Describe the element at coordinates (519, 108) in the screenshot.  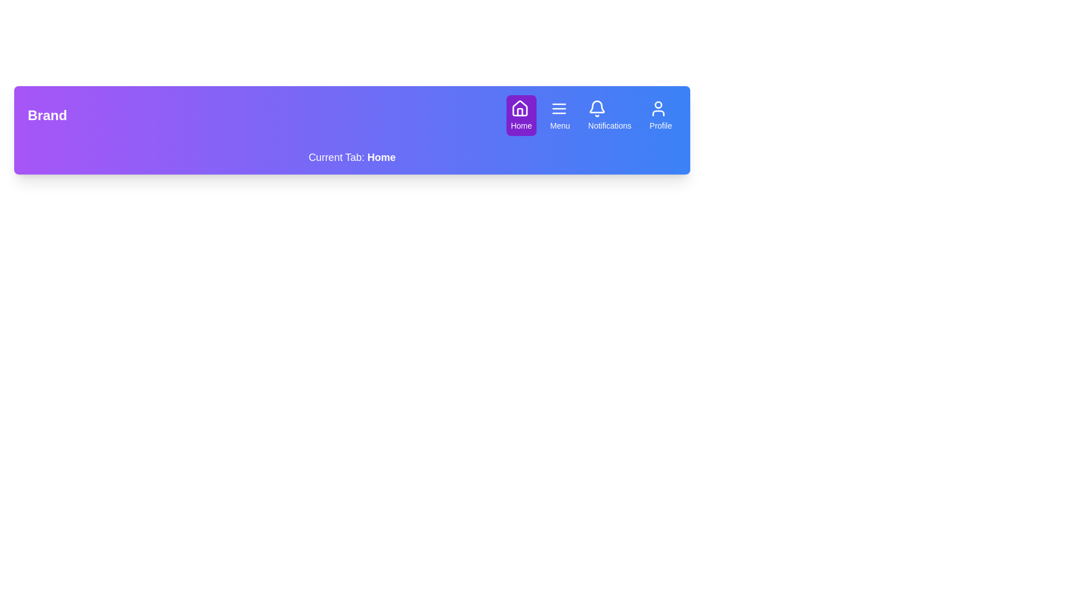
I see `the vibrant house-shaped icon located within the highlighted 'Home' button in the navigation bar` at that location.